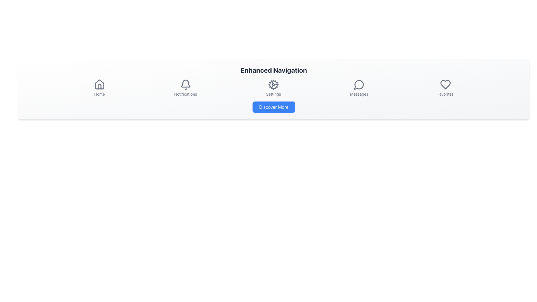 This screenshot has height=302, width=537. What do you see at coordinates (274, 88) in the screenshot?
I see `the Navigation bar` at bounding box center [274, 88].